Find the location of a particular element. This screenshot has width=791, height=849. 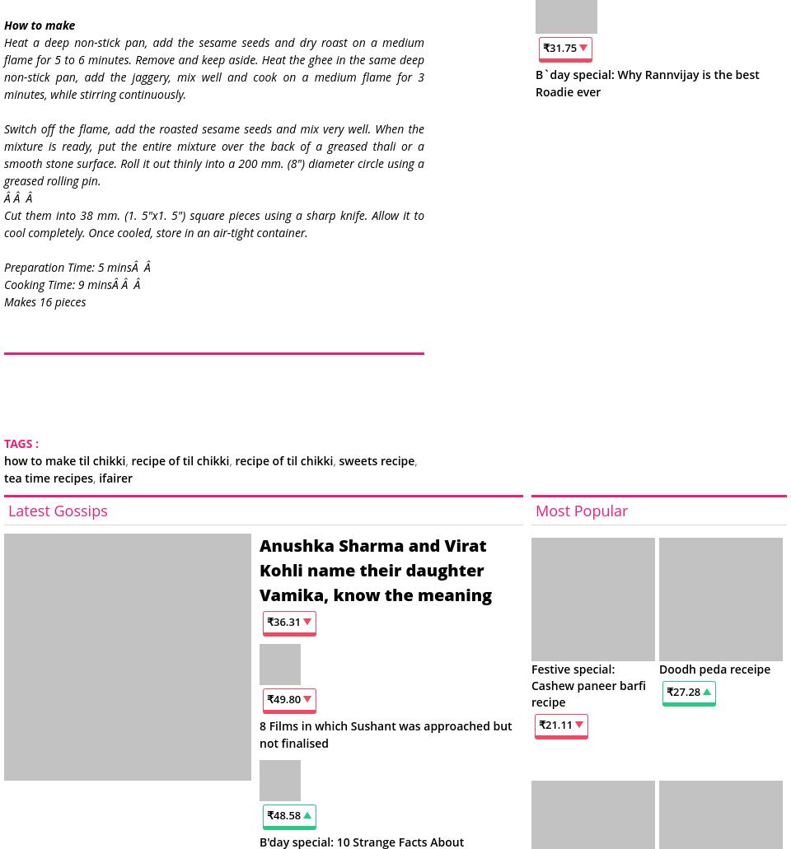

'Preparation Time: 5 minsÂ  Â' is located at coordinates (2, 265).